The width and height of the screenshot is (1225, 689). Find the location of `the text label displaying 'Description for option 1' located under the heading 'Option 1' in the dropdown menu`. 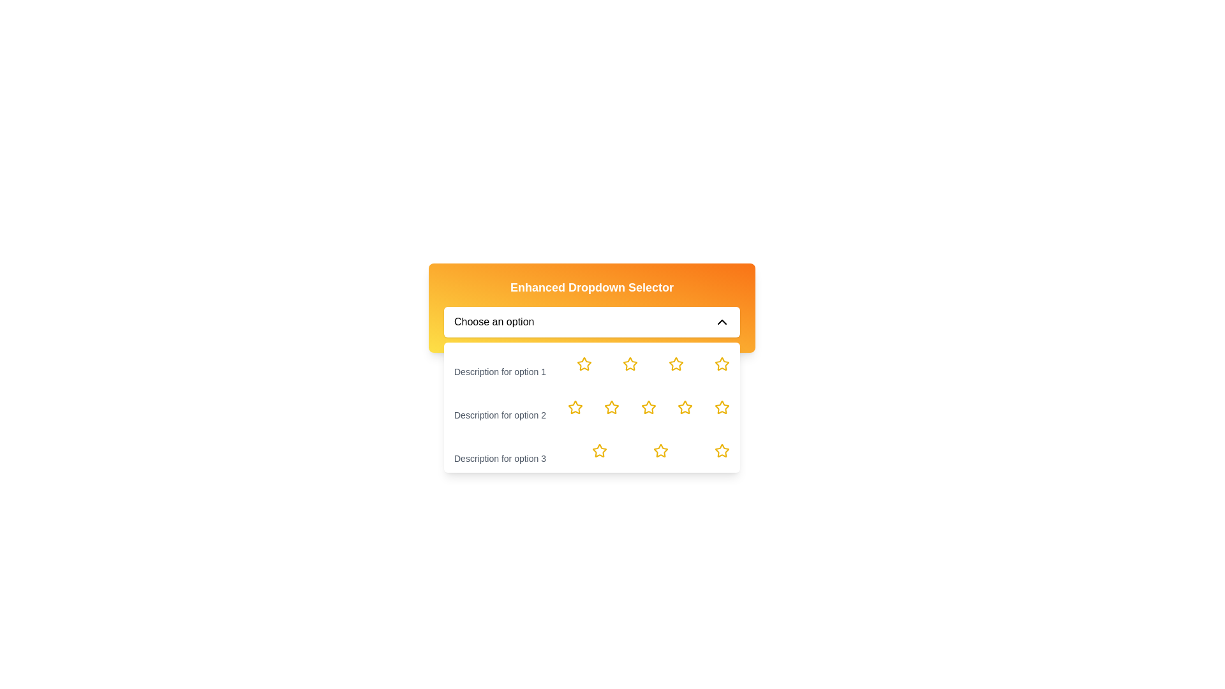

the text label displaying 'Description for option 1' located under the heading 'Option 1' in the dropdown menu is located at coordinates (499, 371).